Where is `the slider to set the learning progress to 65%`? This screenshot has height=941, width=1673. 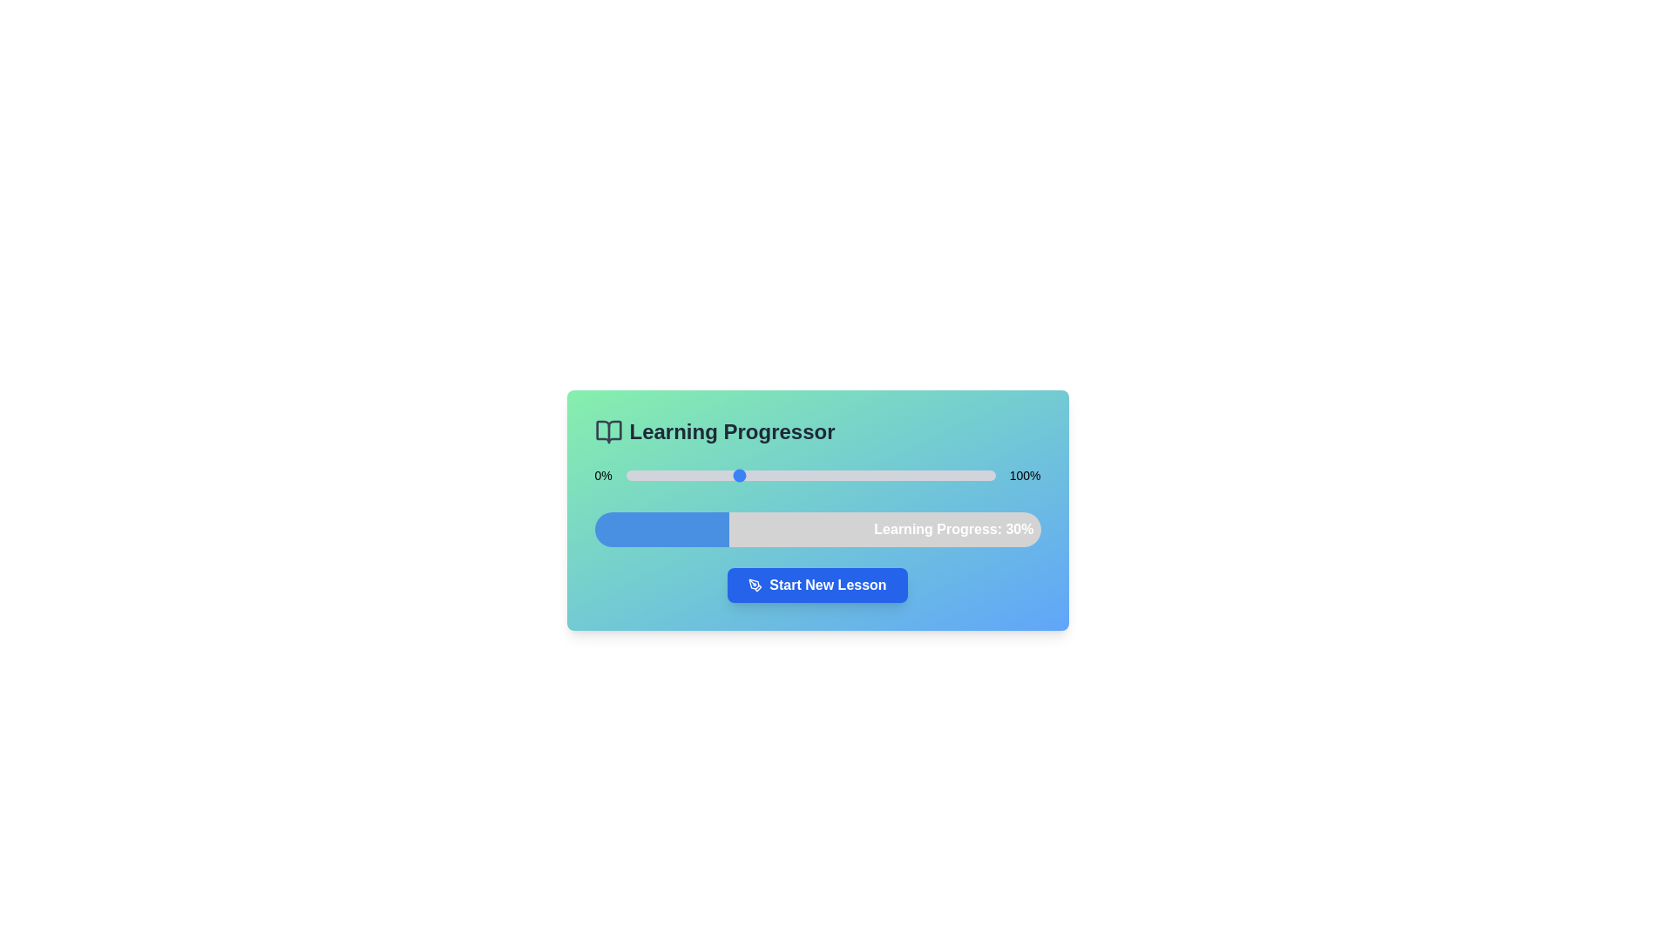
the slider to set the learning progress to 65% is located at coordinates (866, 476).